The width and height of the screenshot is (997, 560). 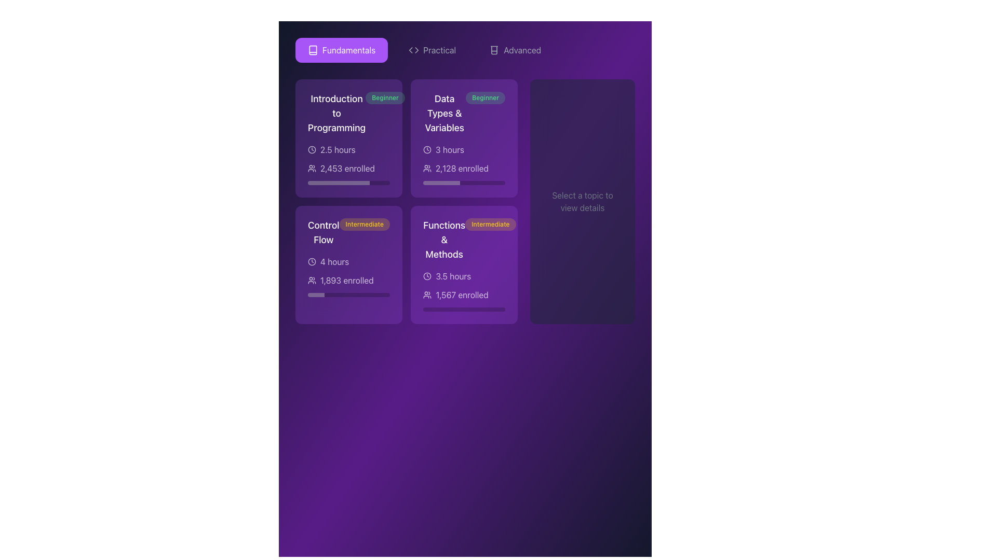 I want to click on the Text Label displaying '4 hours' located within the purple card under the title 'Control Flow', adjacent to the clock icon, so click(x=334, y=261).